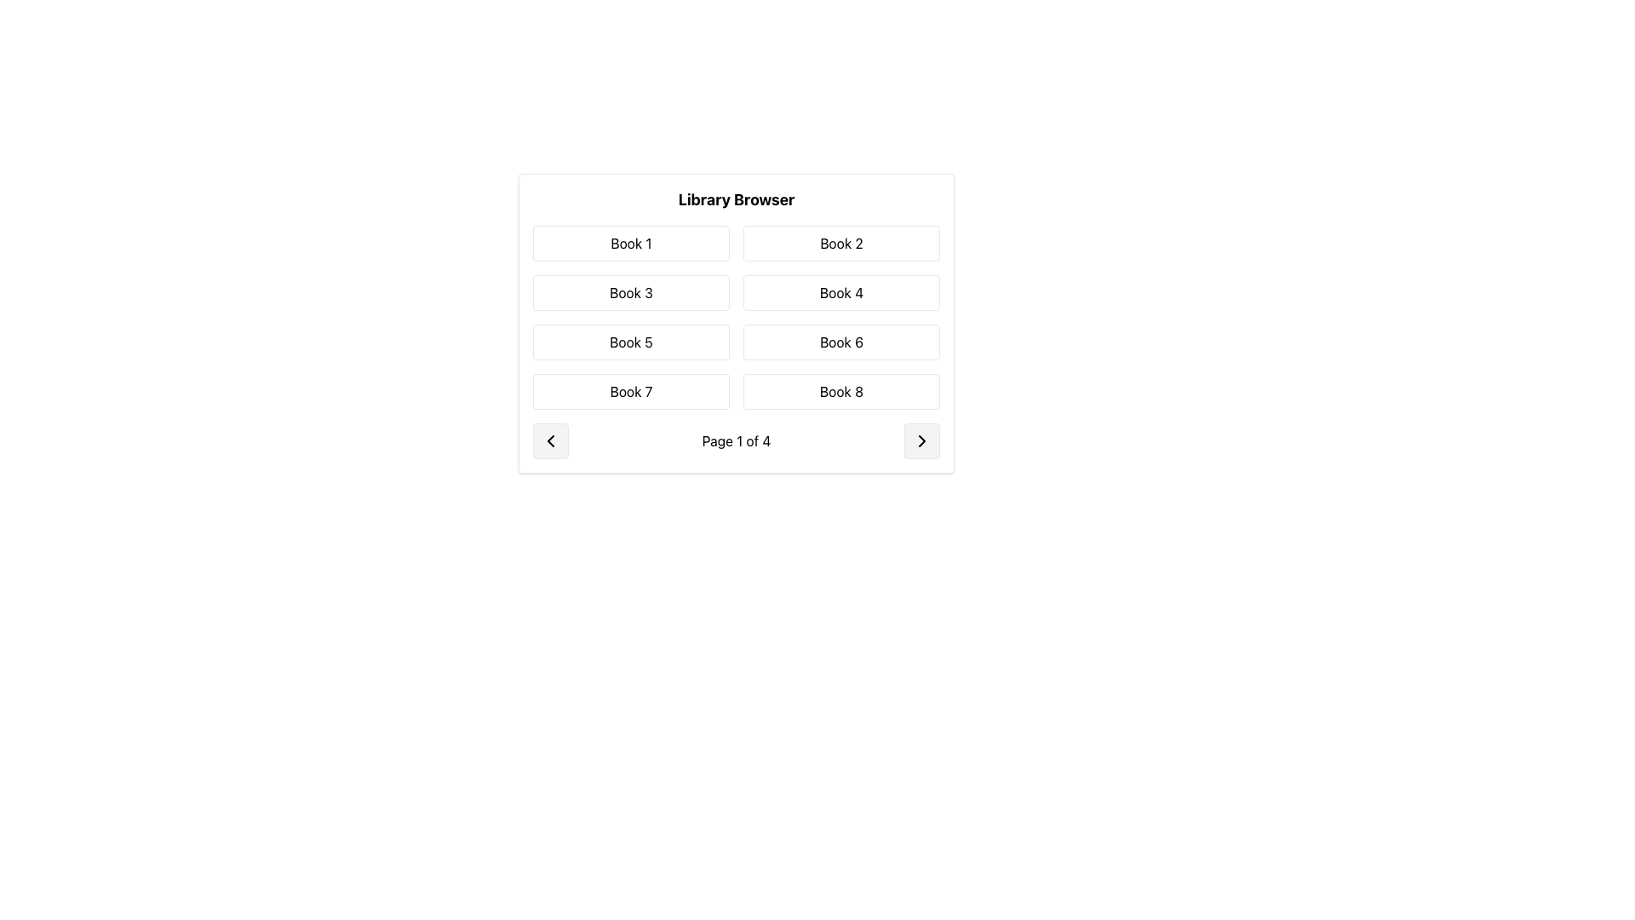 The width and height of the screenshot is (1635, 920). Describe the element at coordinates (921, 440) in the screenshot. I see `the chevron icon within the navigation button located at the bottom-right corner of the 'Library Browser' interface` at that location.